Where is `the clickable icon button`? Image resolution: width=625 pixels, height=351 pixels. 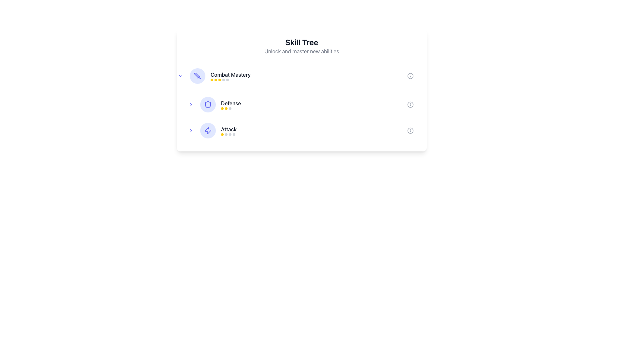
the clickable icon button is located at coordinates (190, 130).